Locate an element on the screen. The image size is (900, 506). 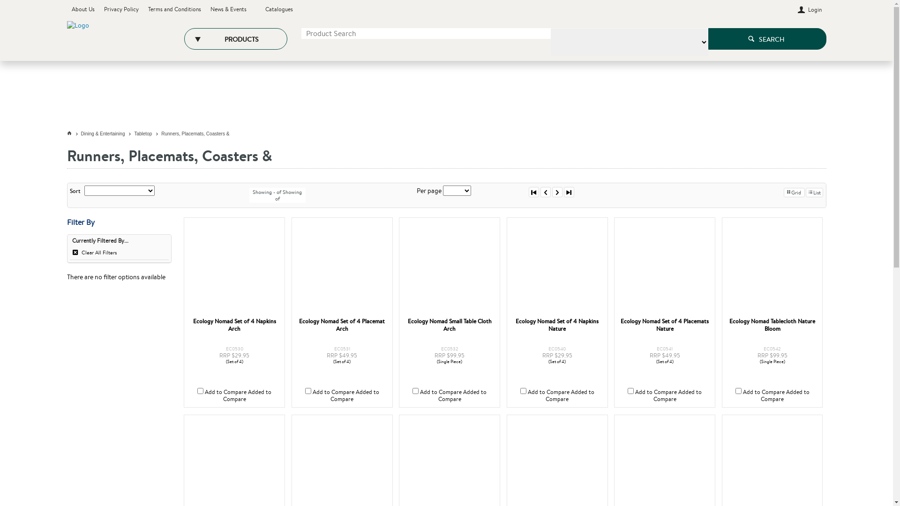
'SEARCH' is located at coordinates (708, 38).